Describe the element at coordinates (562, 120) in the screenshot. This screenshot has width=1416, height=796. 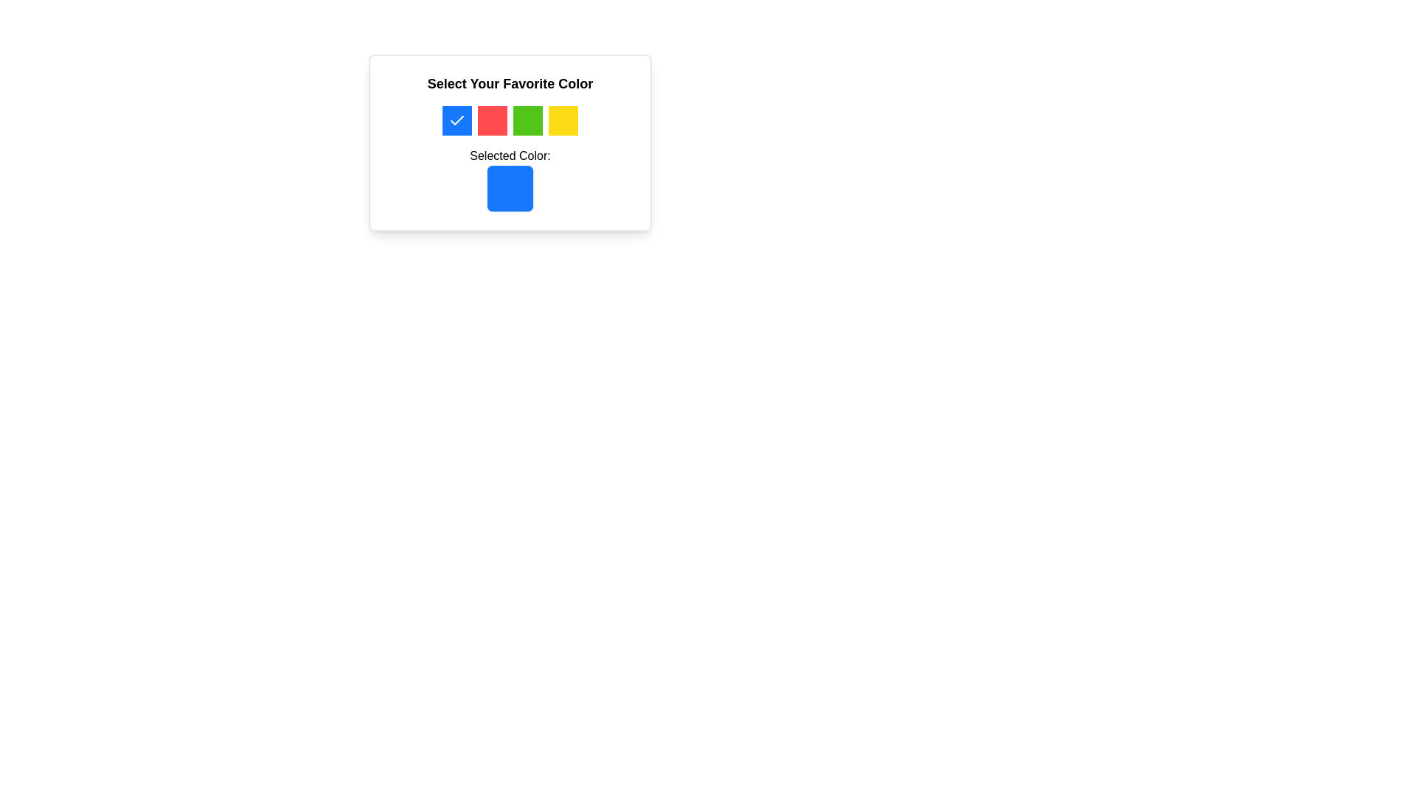
I see `the fifth color selection button in the row, located below the title 'Select Your Favorite Color', to potentially display a tooltip` at that location.